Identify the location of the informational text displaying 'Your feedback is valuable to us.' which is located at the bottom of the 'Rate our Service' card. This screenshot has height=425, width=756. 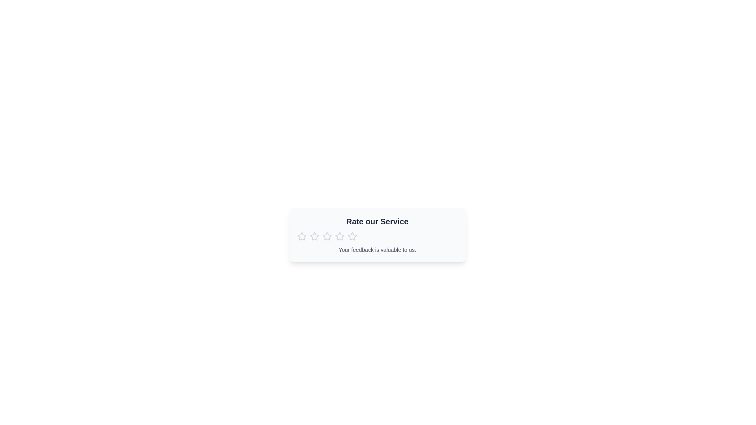
(377, 250).